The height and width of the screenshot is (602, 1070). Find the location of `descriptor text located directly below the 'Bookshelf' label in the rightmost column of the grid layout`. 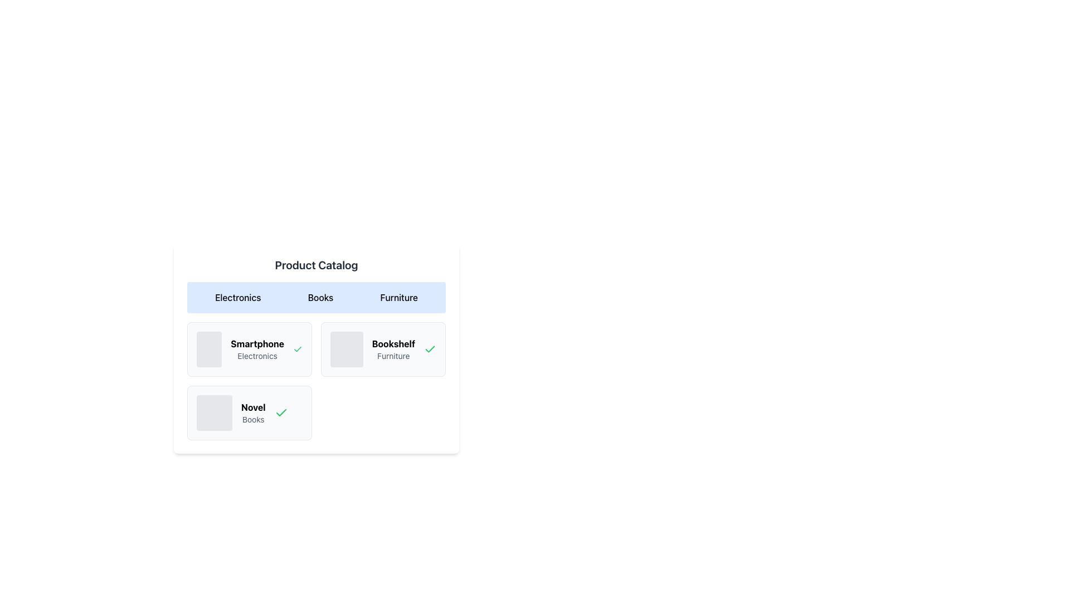

descriptor text located directly below the 'Bookshelf' label in the rightmost column of the grid layout is located at coordinates (393, 356).